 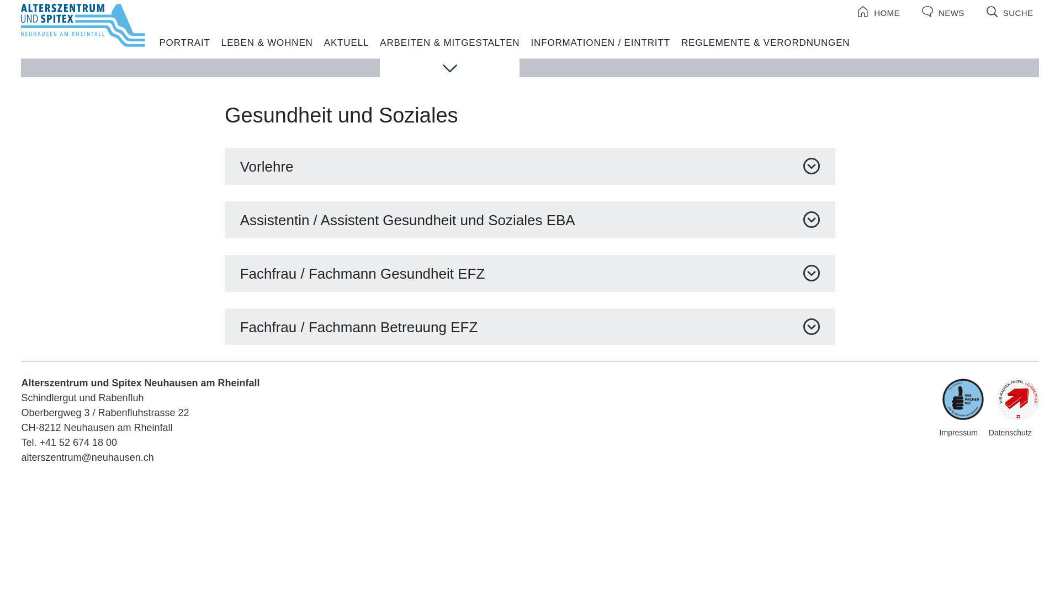 I want to click on 'SUCHE', so click(x=986, y=11).